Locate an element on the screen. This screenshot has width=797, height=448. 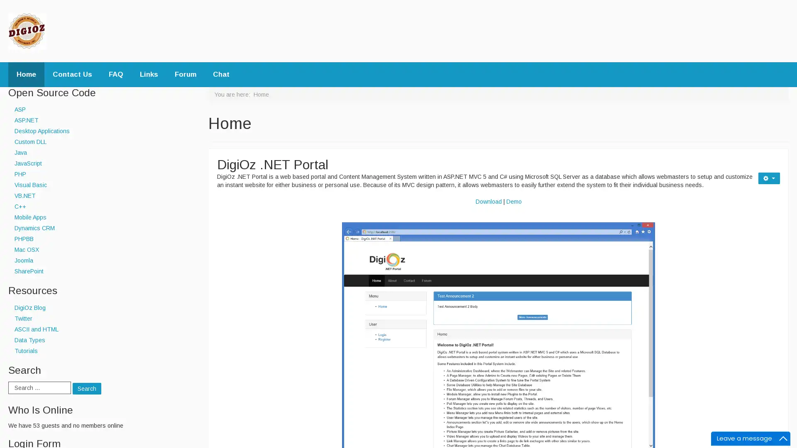
Search is located at coordinates (87, 389).